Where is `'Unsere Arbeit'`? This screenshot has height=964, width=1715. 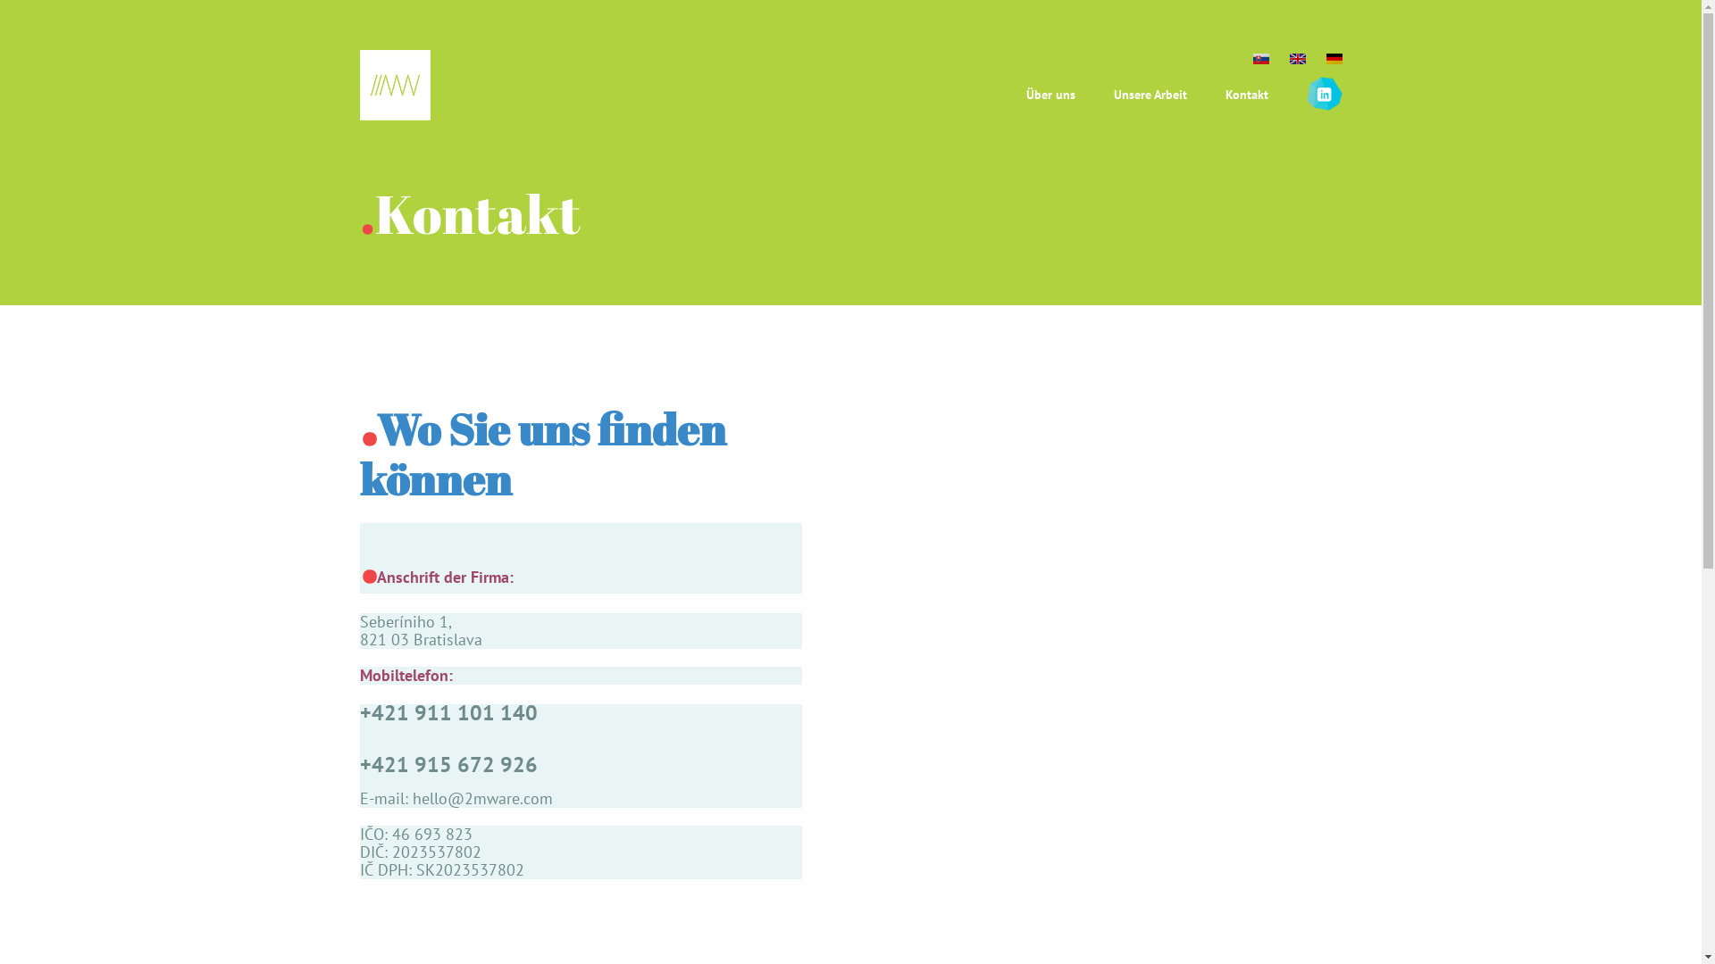 'Unsere Arbeit' is located at coordinates (1112, 94).